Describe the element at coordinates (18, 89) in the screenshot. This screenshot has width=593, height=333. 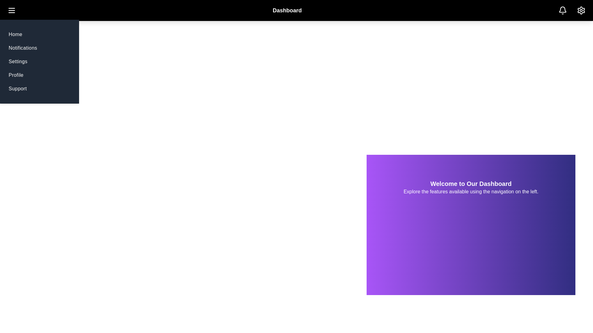
I see `the navigation menu item Support` at that location.